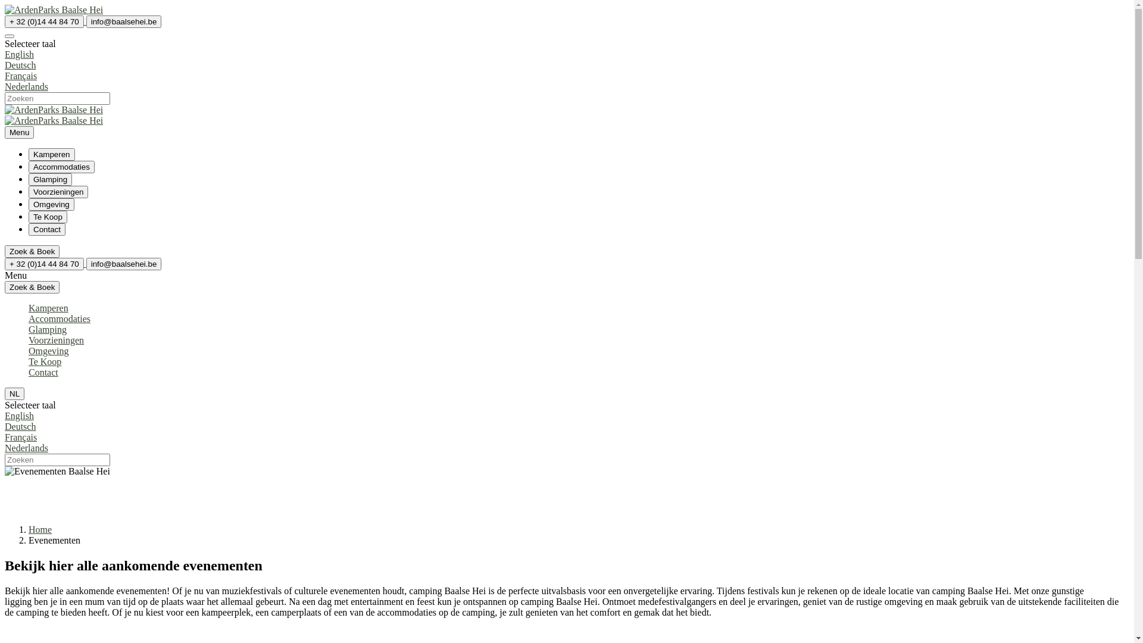 This screenshot has width=1143, height=643. Describe the element at coordinates (55, 340) in the screenshot. I see `'Voorzieningen'` at that location.